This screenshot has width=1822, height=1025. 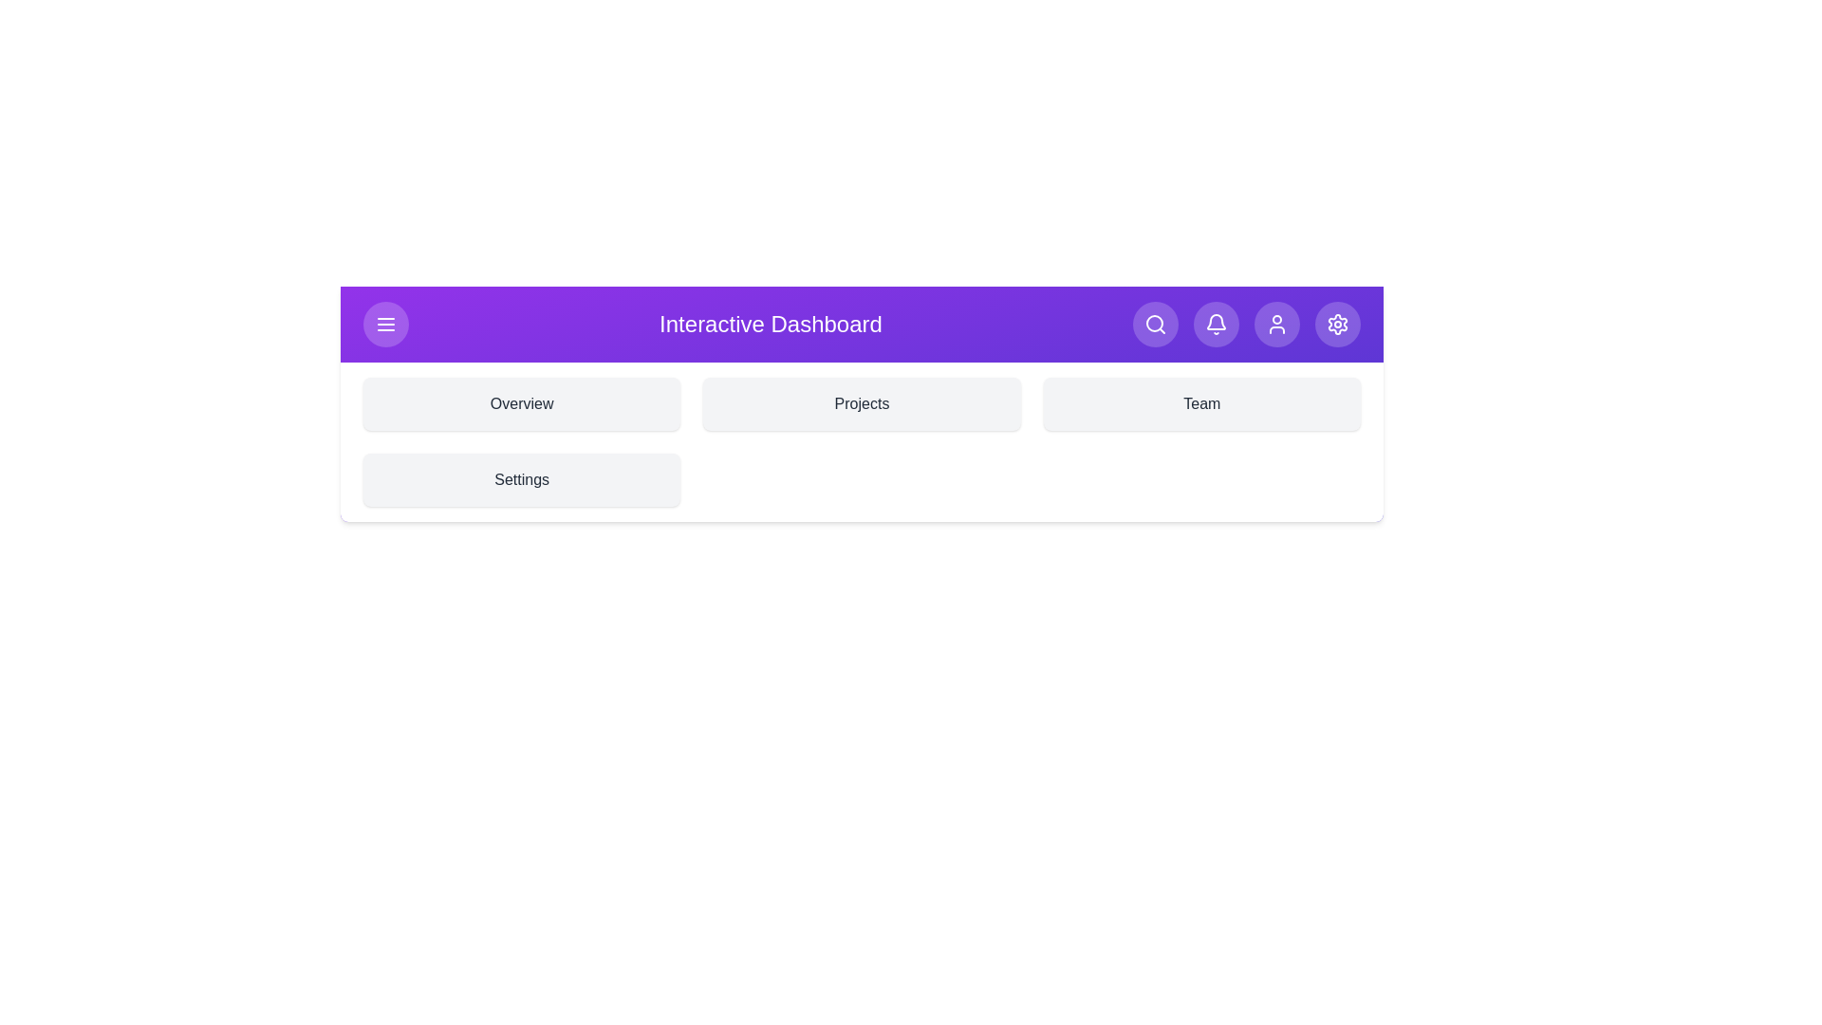 What do you see at coordinates (1155, 324) in the screenshot?
I see `the search icon to initiate a search` at bounding box center [1155, 324].